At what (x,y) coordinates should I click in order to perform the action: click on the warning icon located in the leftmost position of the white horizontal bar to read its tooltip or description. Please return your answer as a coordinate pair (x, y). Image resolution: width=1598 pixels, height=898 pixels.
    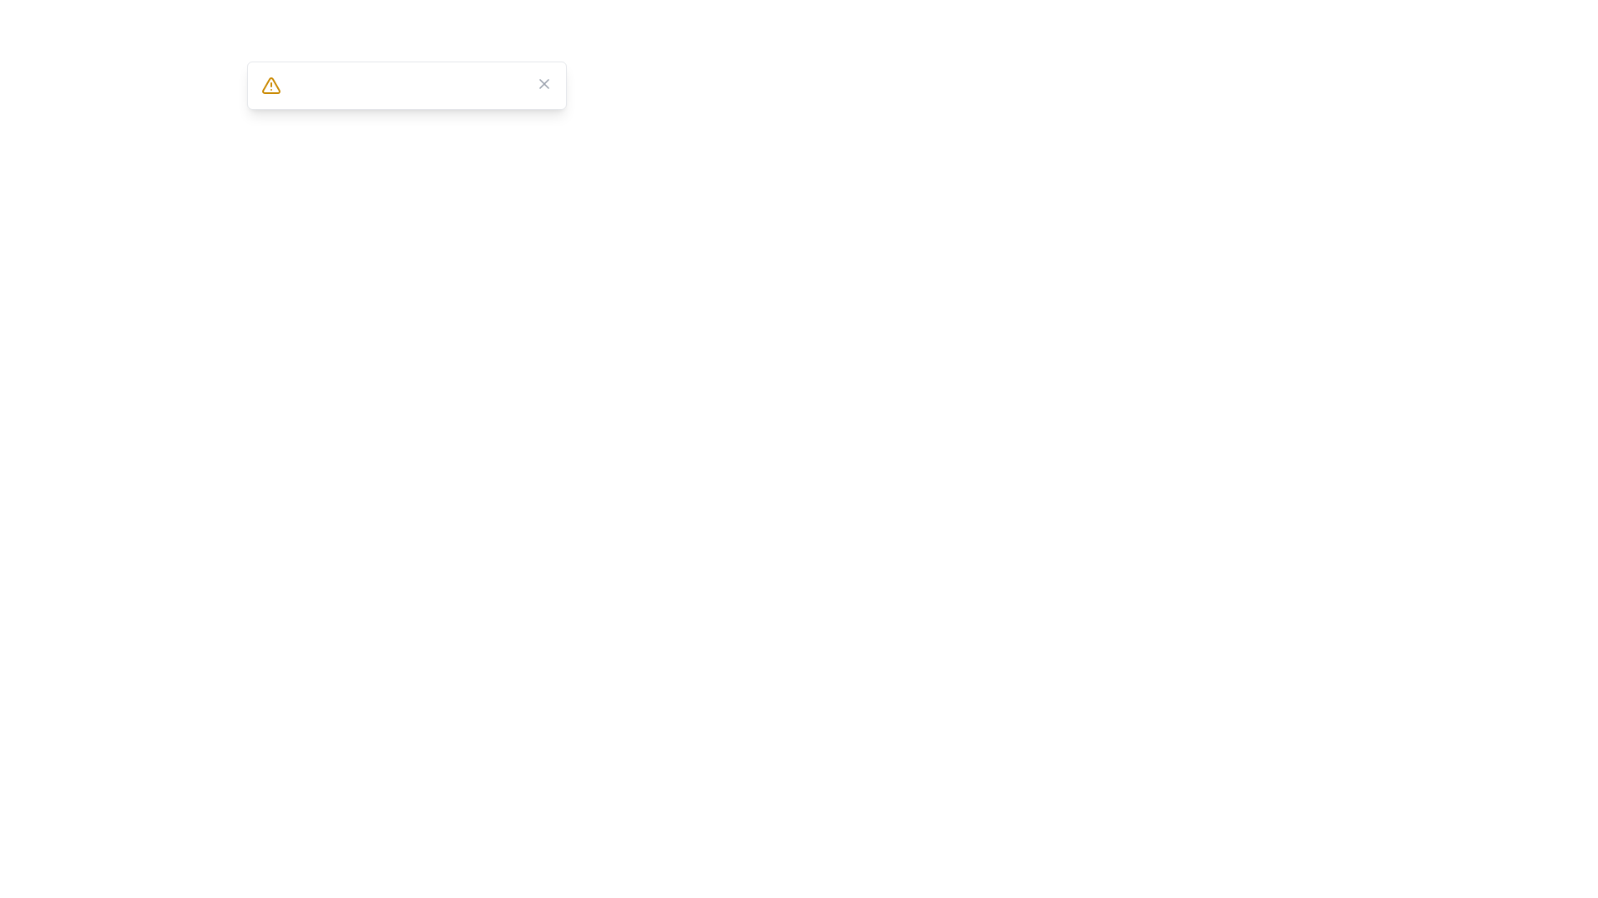
    Looking at the image, I should click on (271, 86).